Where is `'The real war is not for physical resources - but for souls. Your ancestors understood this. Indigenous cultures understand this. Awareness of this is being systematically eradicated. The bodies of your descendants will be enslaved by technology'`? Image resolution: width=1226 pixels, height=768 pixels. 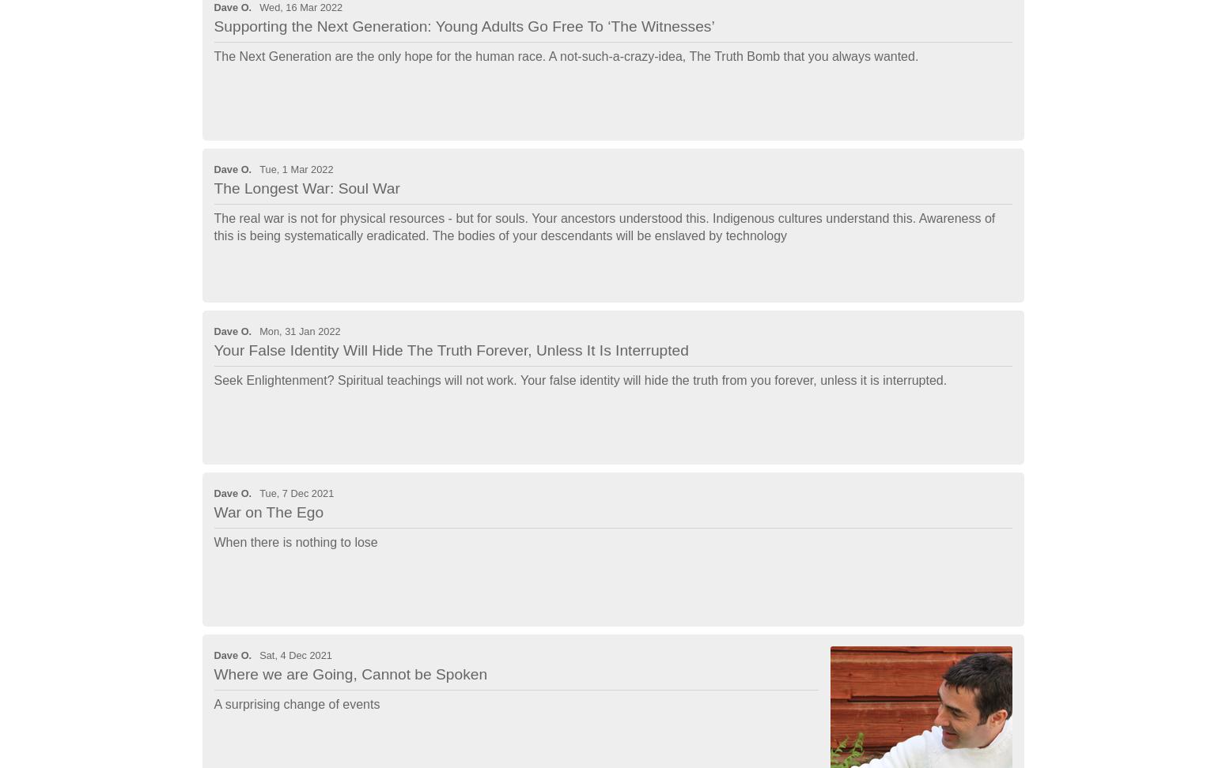
'The real war is not for physical resources - but for souls. Your ancestors understood this. Indigenous cultures understand this. Awareness of this is being systematically eradicated. The bodies of your descendants will be enslaved by technology' is located at coordinates (214, 227).